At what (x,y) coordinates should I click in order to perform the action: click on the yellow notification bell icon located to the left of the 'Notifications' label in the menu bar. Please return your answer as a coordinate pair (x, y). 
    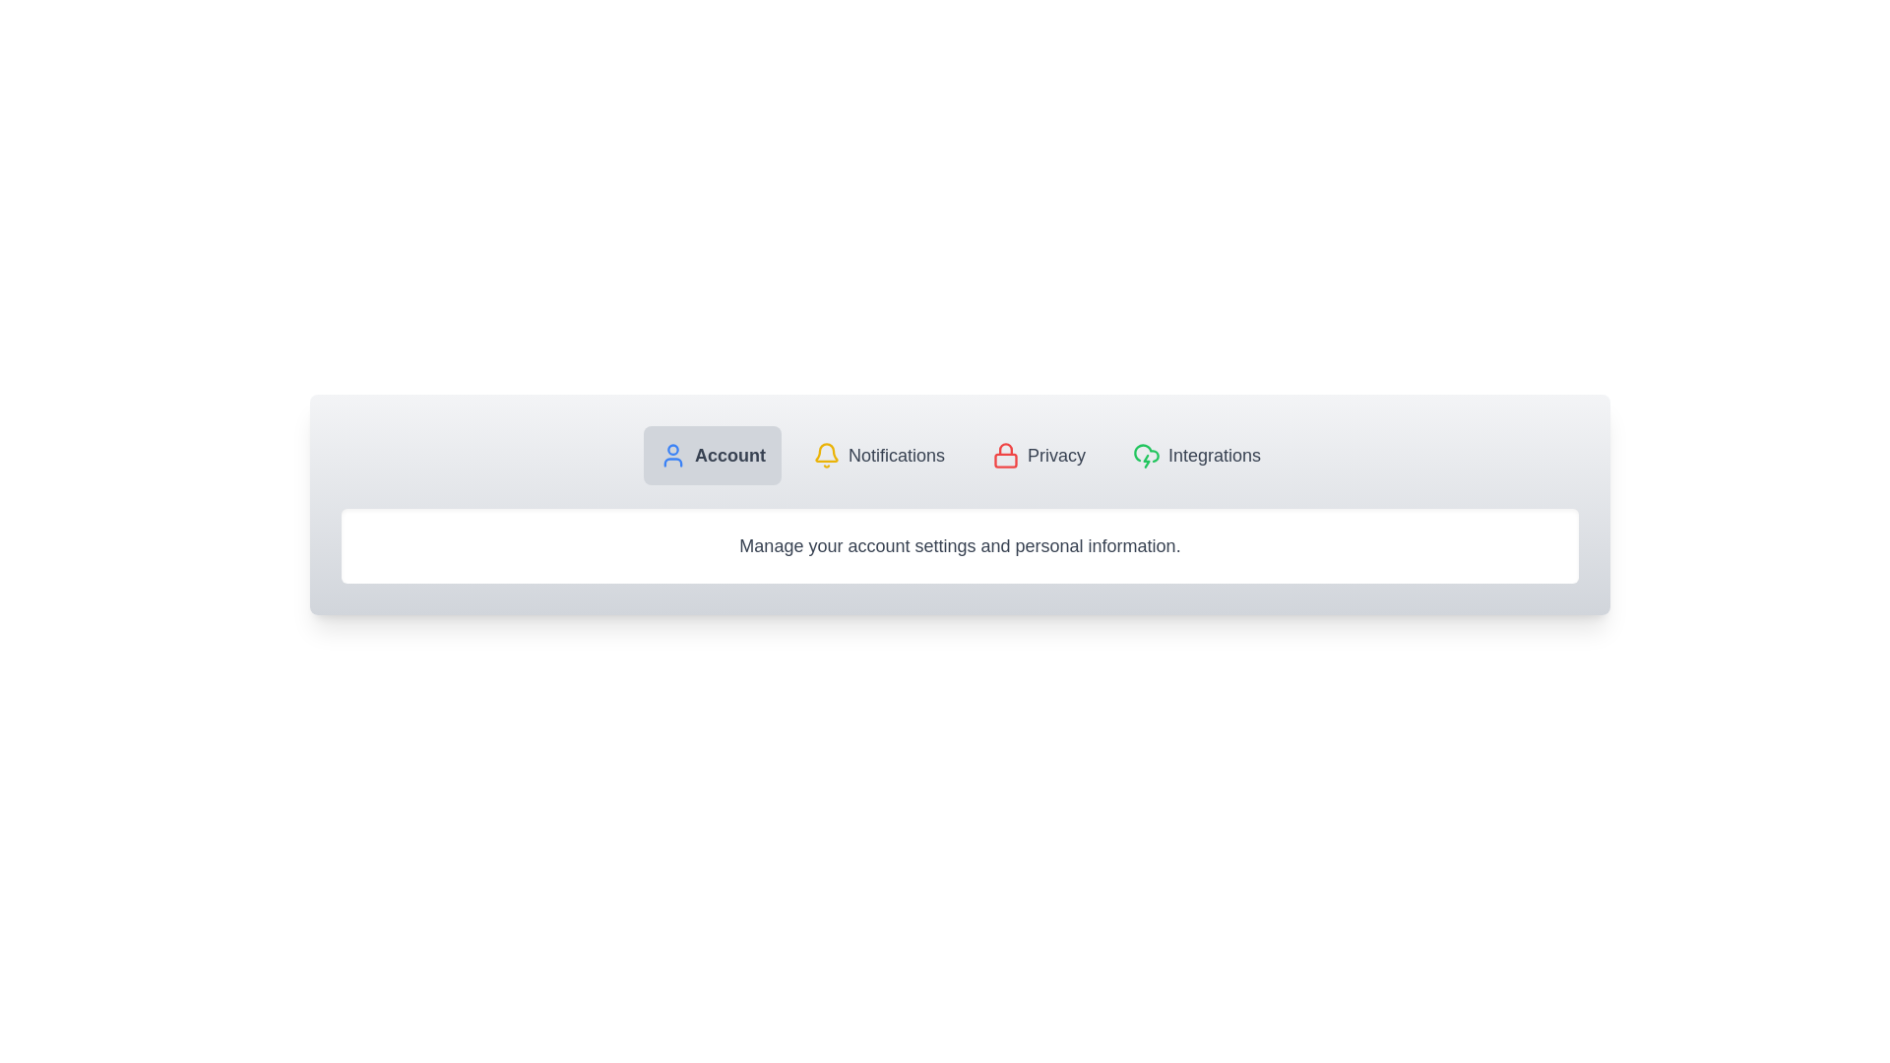
    Looking at the image, I should click on (827, 455).